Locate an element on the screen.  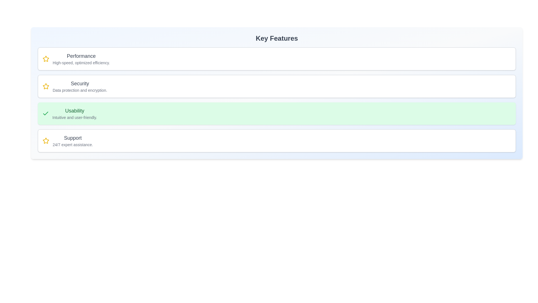
the card with Usability to observe visual changes is located at coordinates (277, 114).